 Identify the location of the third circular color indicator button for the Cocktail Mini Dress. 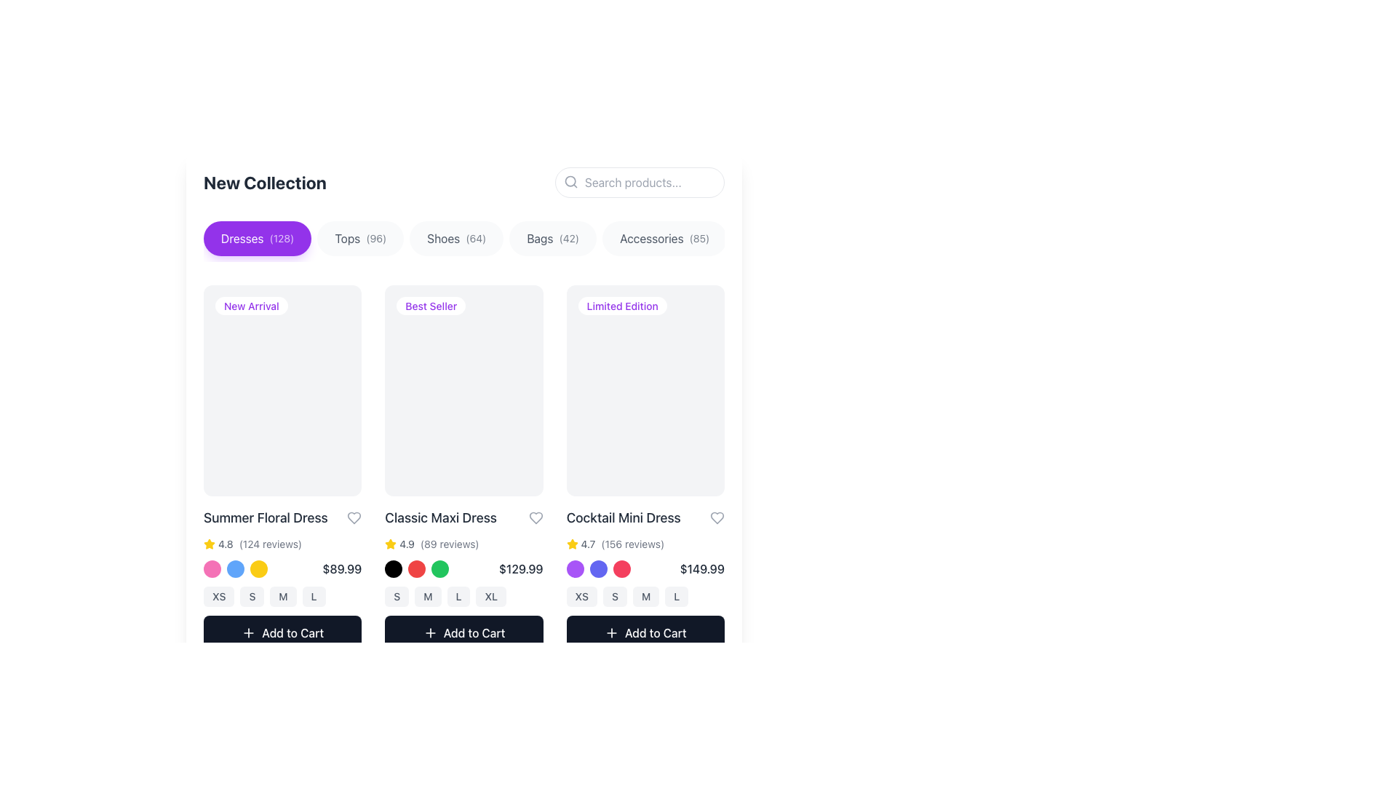
(621, 568).